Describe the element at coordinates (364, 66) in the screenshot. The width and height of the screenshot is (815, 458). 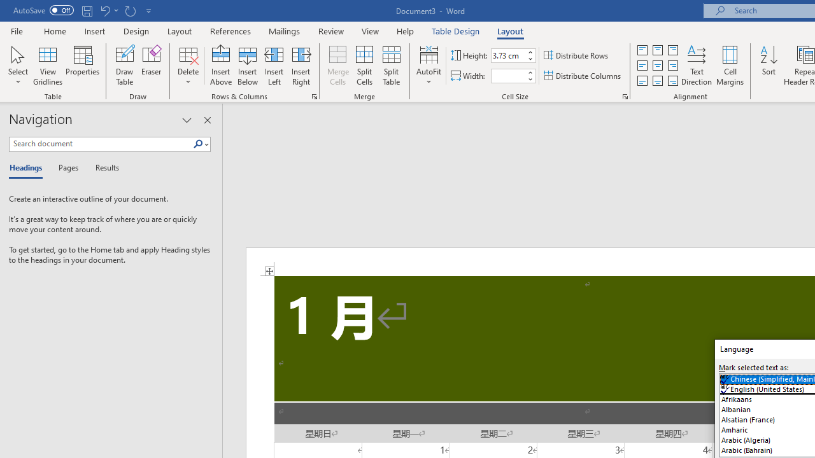
I see `'Split Cells...'` at that location.